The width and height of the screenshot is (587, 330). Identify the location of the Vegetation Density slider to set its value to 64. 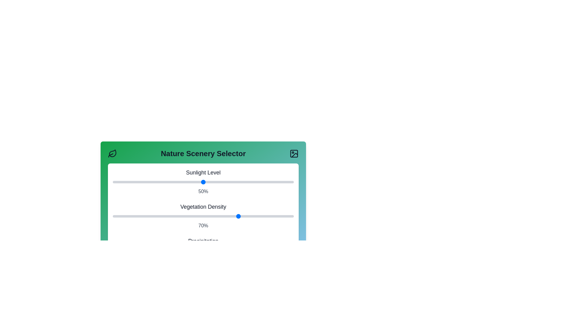
(228, 216).